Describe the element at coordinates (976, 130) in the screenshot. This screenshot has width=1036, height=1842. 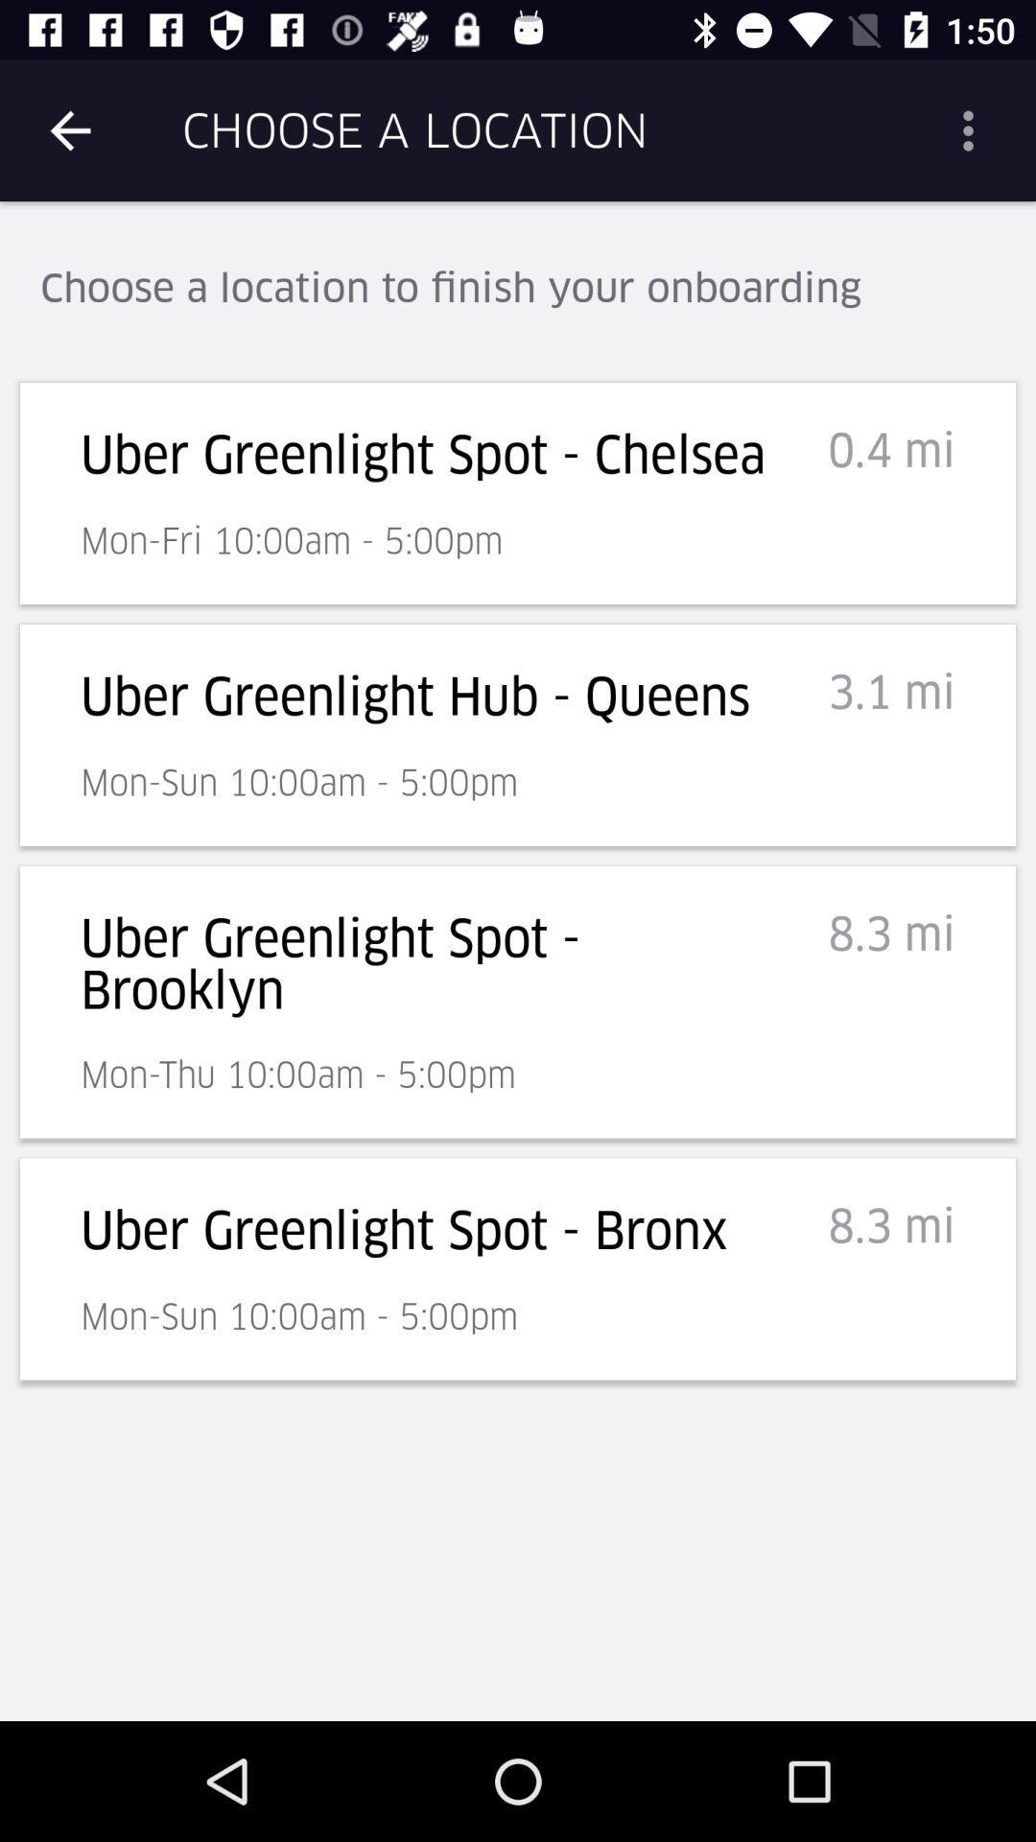
I see `the item to the right of choose a location item` at that location.